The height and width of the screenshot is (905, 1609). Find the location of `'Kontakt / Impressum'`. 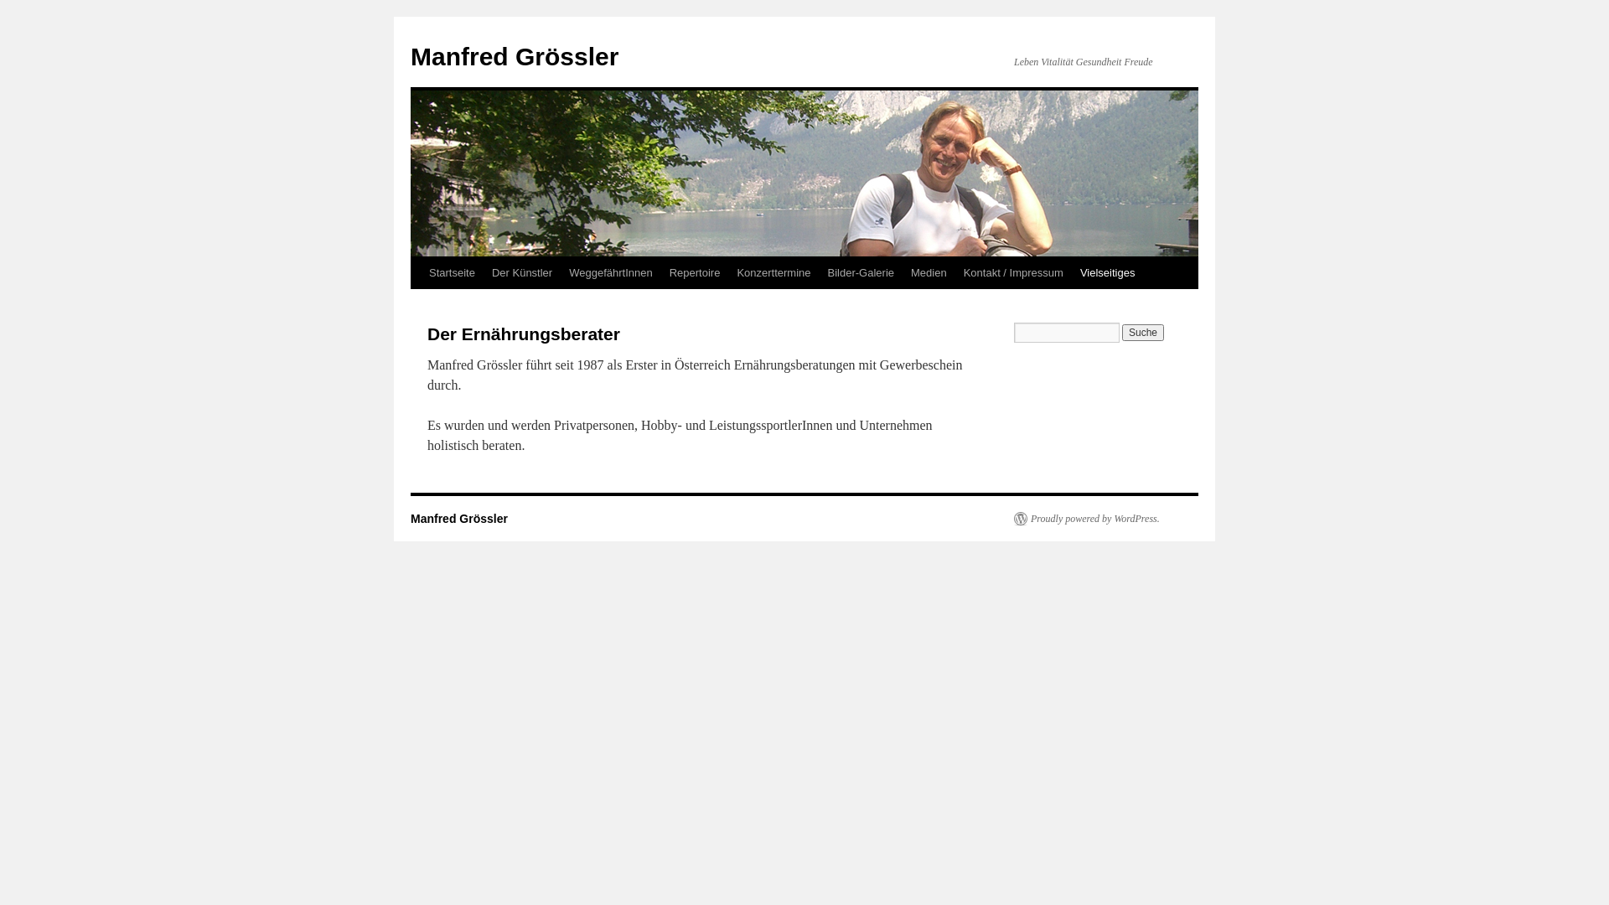

'Kontakt / Impressum' is located at coordinates (955, 272).